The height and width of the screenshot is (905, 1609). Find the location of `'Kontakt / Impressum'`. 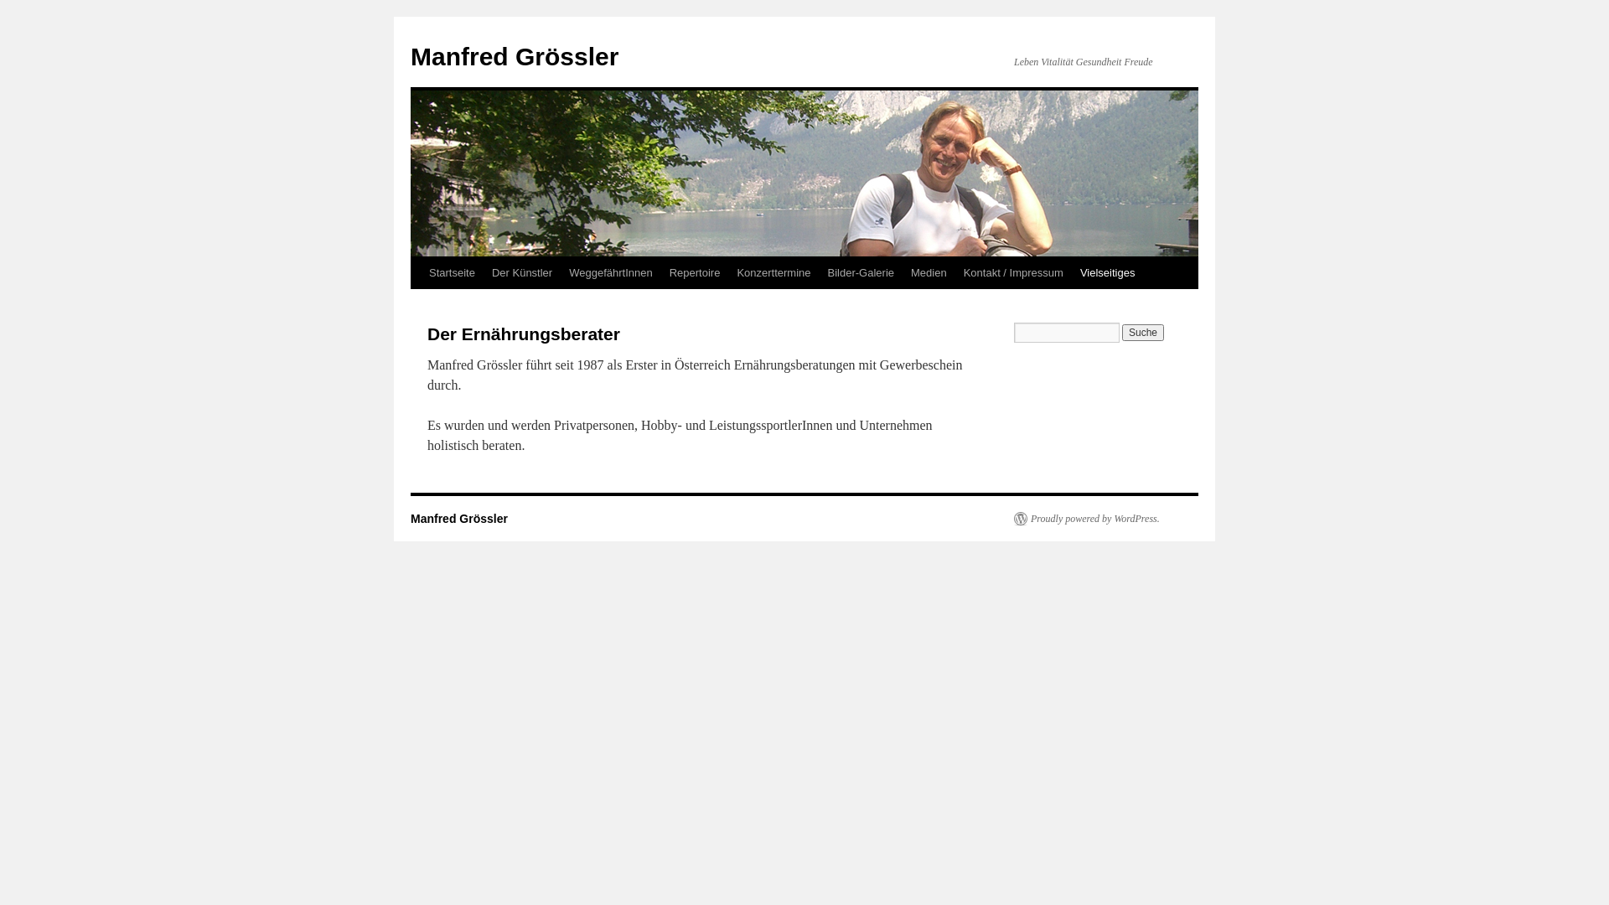

'Kontakt / Impressum' is located at coordinates (955, 272).